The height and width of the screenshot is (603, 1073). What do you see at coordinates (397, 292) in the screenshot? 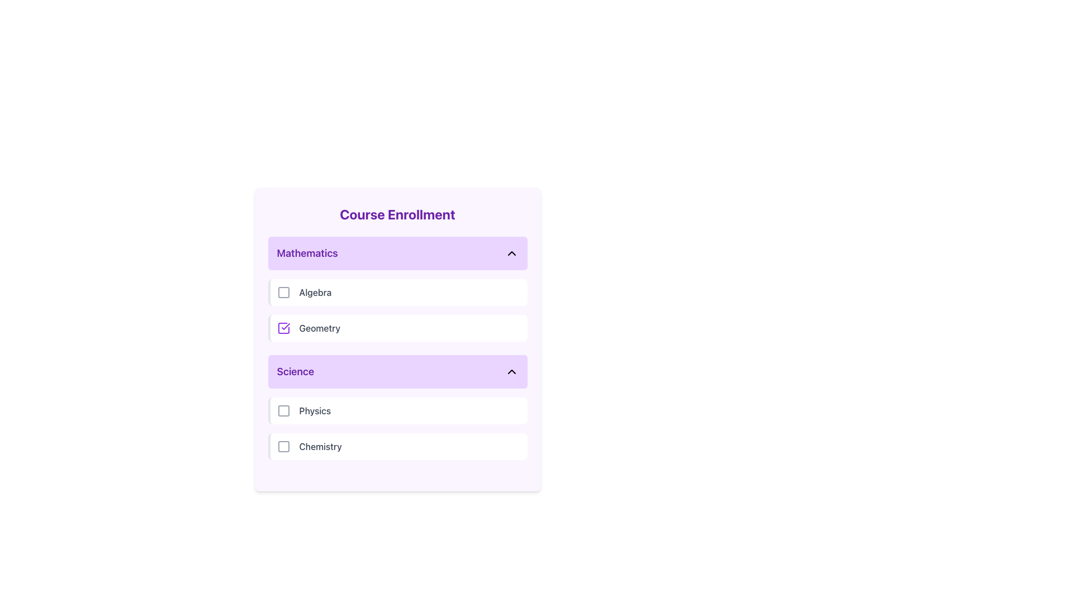
I see `the first selectable list item labeled 'Algebra' in the Mathematics section, which has a checkbox on the left` at bounding box center [397, 292].